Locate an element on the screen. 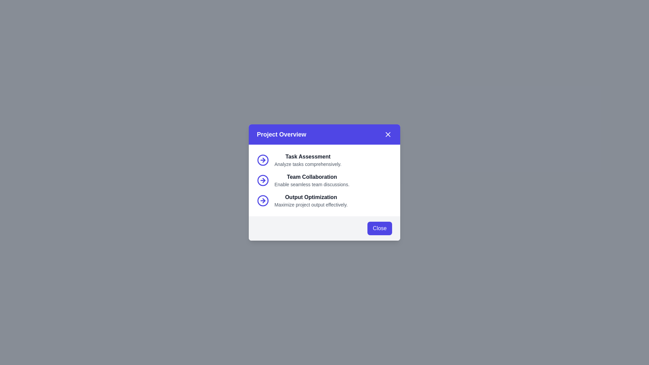 This screenshot has height=365, width=649. the third circular arrow icon that indicates forward navigation, located next to the 'Output Optimization' label is located at coordinates (264, 180).